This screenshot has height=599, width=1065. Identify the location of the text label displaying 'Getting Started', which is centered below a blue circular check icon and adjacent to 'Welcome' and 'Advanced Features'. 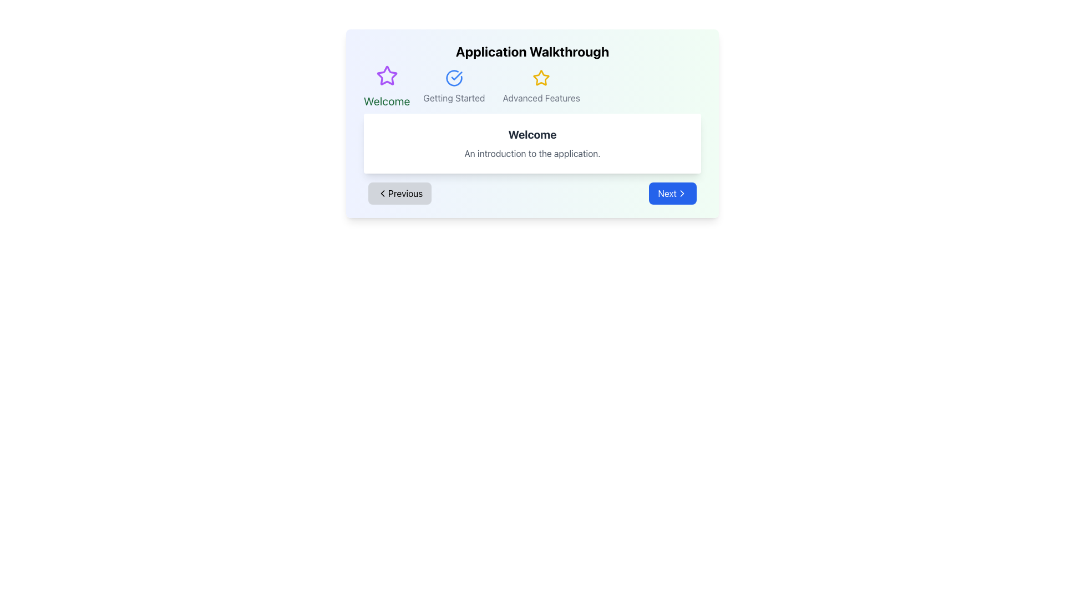
(454, 98).